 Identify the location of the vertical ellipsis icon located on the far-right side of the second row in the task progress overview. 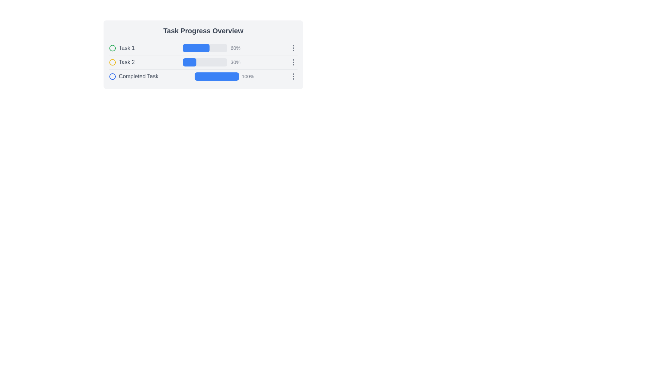
(293, 62).